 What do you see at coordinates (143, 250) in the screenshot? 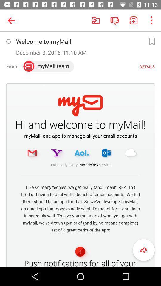
I see `the arrow_forward icon` at bounding box center [143, 250].